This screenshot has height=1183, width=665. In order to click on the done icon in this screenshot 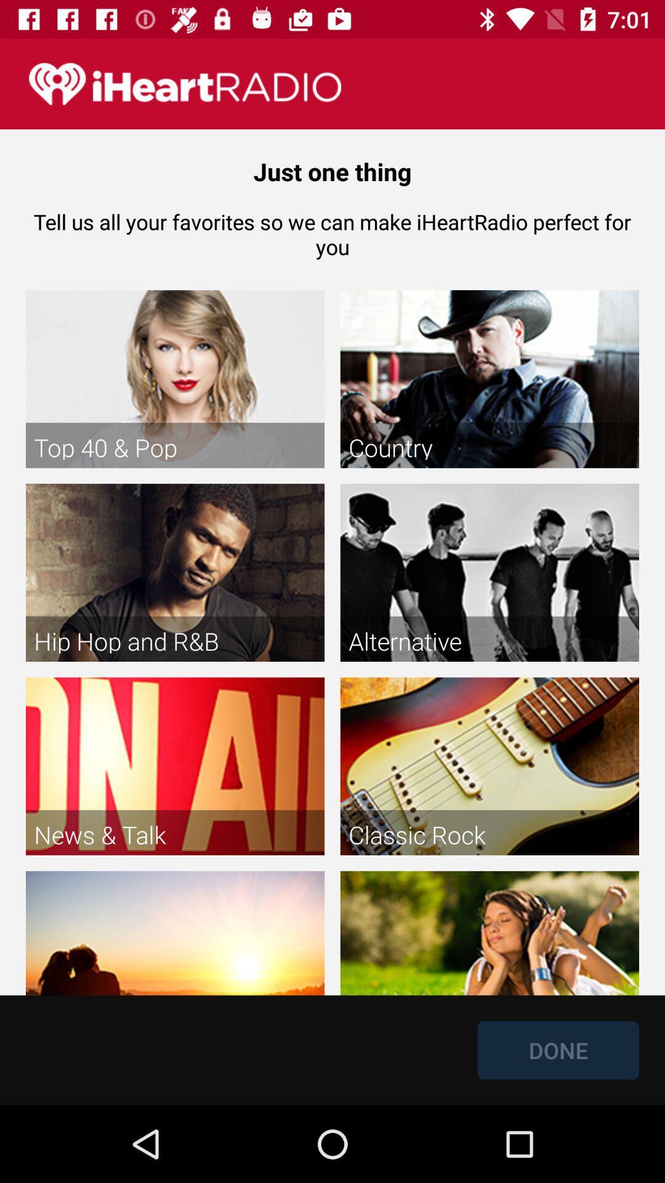, I will do `click(558, 1049)`.